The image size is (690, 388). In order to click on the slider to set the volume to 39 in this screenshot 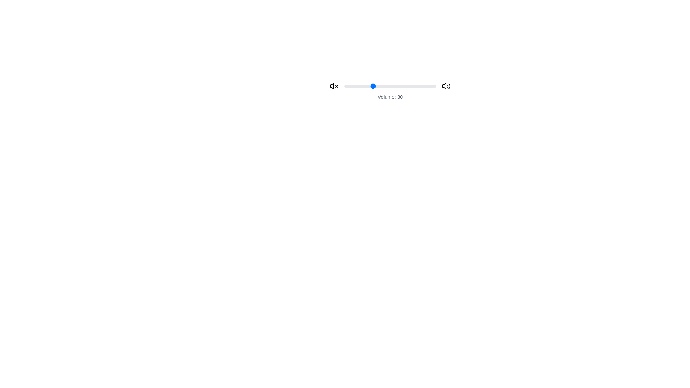, I will do `click(379, 86)`.